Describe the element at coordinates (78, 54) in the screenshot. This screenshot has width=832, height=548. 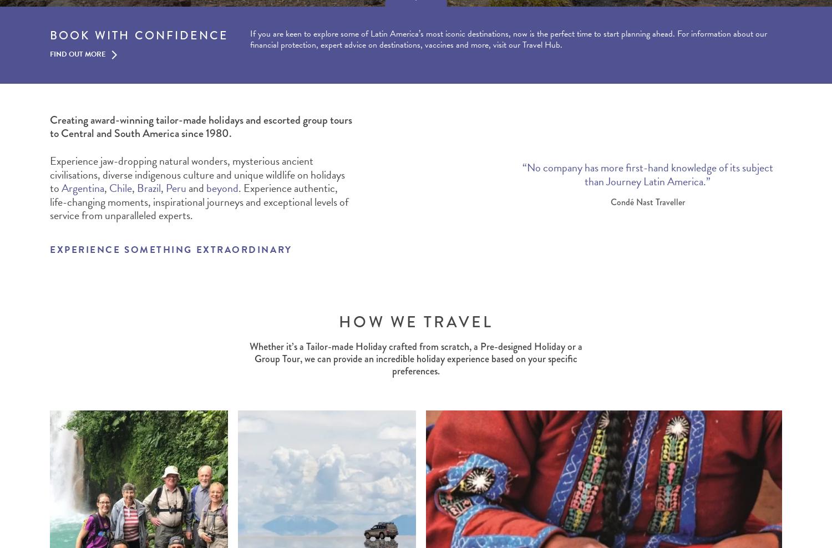
I see `'Find out more'` at that location.